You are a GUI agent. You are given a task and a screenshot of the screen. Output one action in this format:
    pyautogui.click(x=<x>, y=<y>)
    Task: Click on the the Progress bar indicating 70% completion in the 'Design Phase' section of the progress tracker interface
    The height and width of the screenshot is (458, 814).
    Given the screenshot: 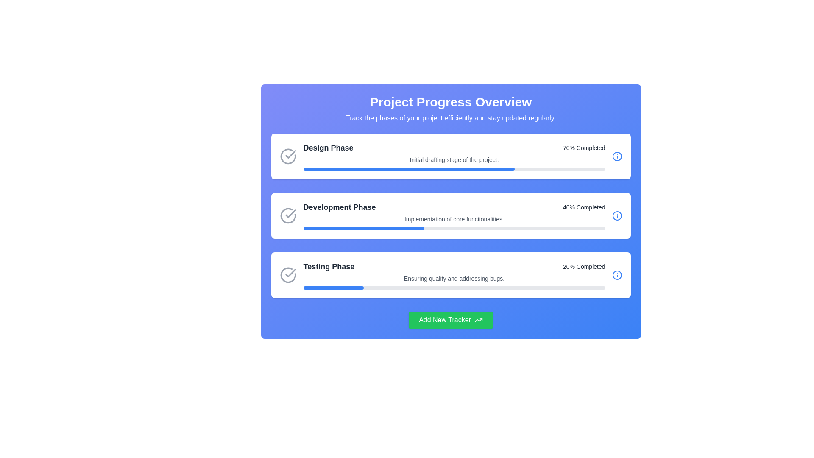 What is the action you would take?
    pyautogui.click(x=409, y=169)
    